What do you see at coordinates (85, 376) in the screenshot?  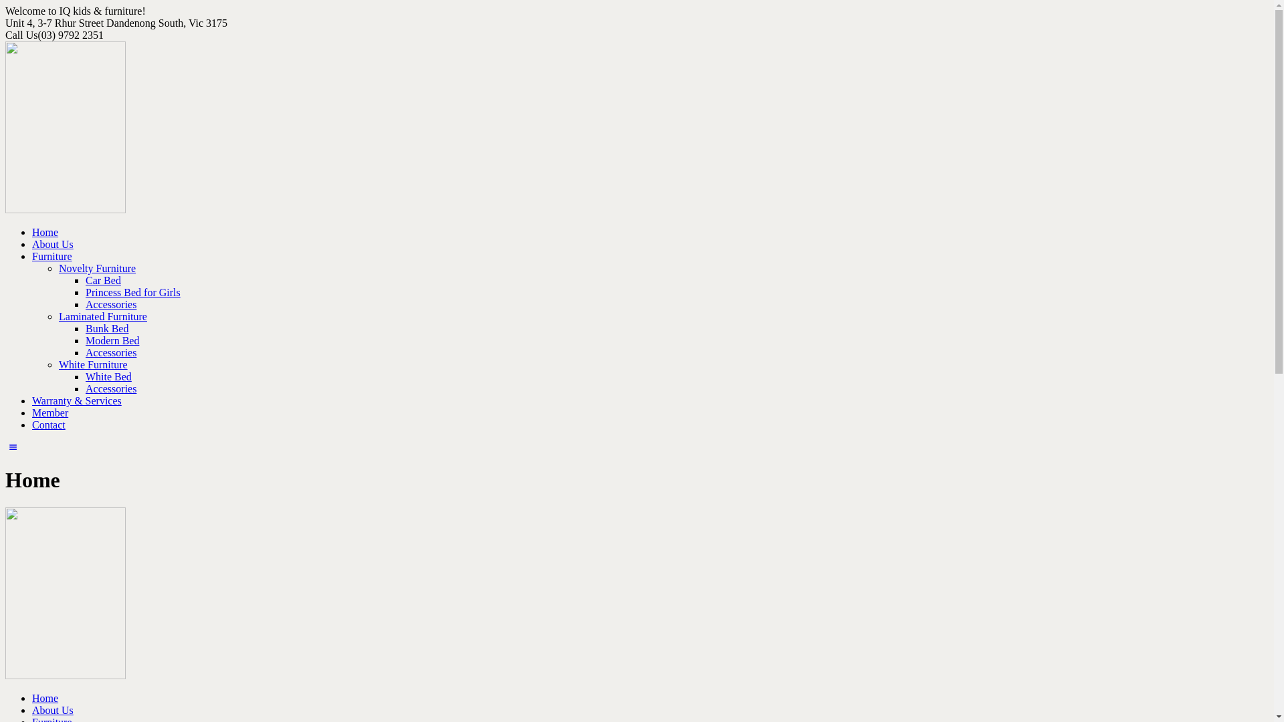 I see `'White Bed'` at bounding box center [85, 376].